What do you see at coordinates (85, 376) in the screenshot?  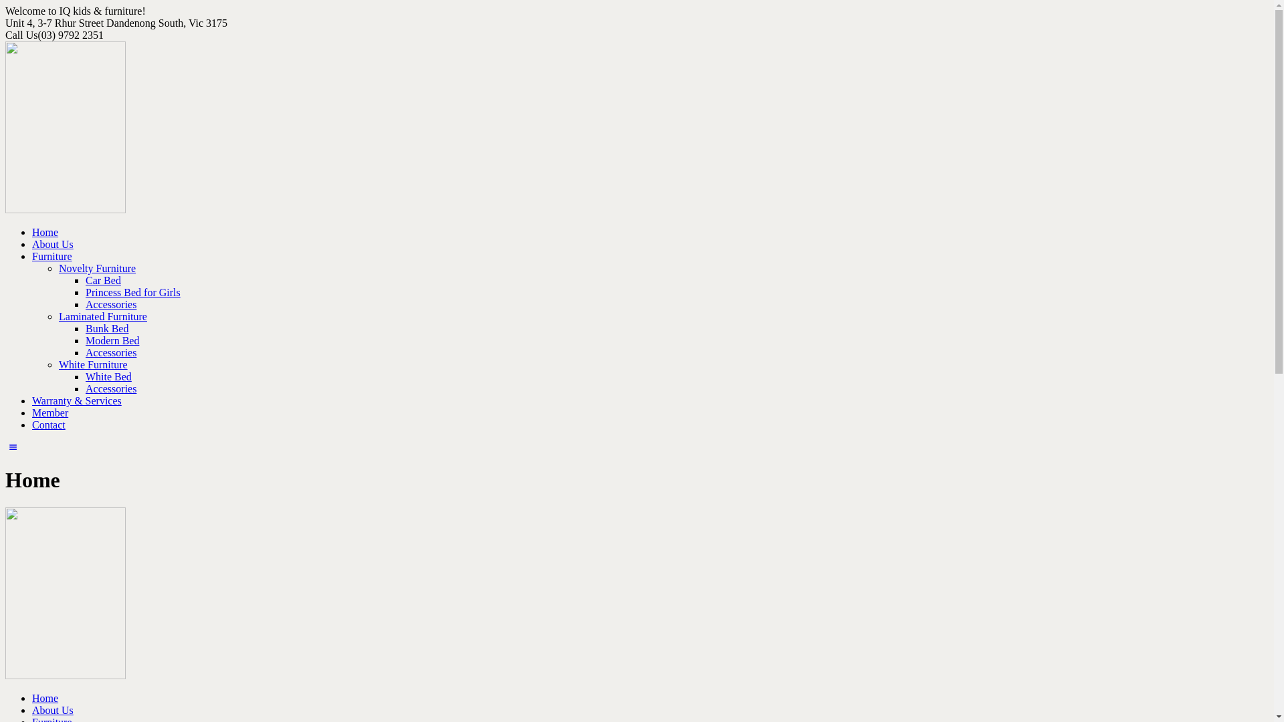 I see `'White Bed'` at bounding box center [85, 376].